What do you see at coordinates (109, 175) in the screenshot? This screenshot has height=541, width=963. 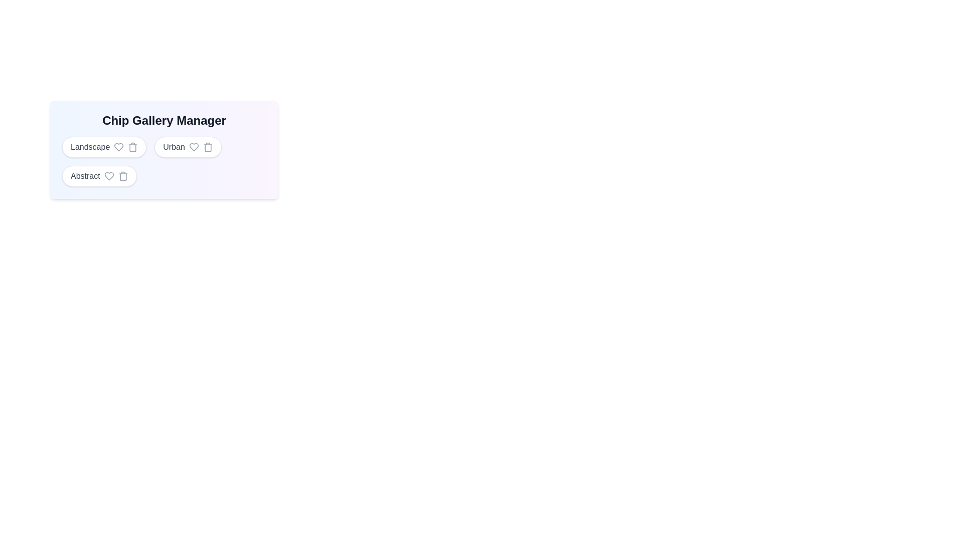 I see `the heart icon of the chip labeled Abstract to toggle its liked state` at bounding box center [109, 175].